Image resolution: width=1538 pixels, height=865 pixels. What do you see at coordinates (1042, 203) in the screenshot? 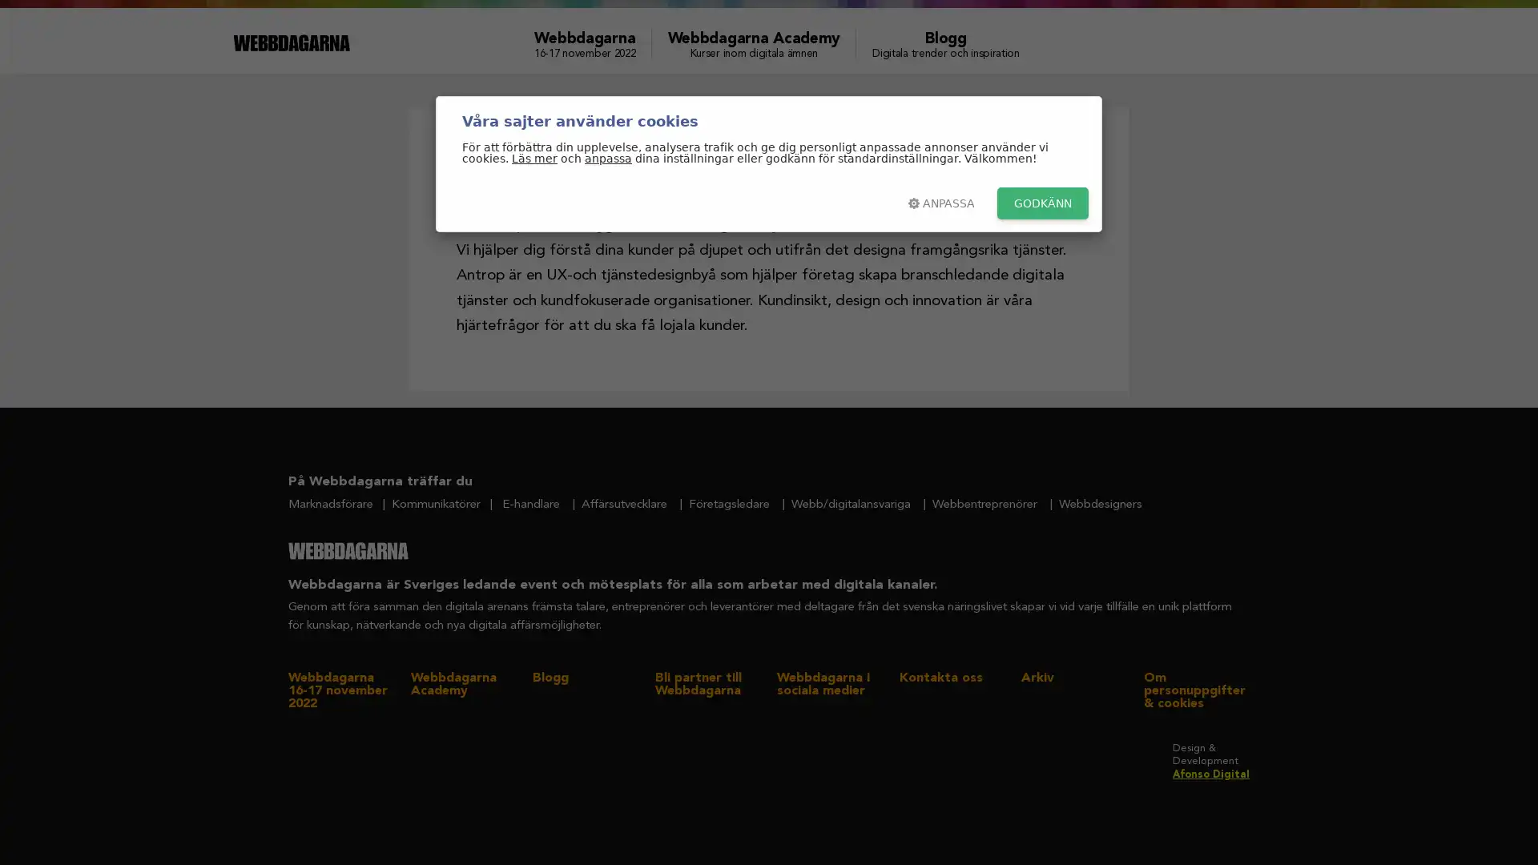
I see `GODKANN` at bounding box center [1042, 203].